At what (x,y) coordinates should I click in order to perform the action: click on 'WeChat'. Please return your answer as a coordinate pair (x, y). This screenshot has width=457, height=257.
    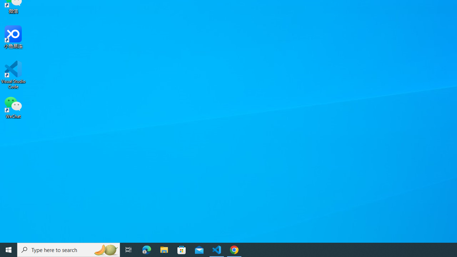
    Looking at the image, I should click on (13, 107).